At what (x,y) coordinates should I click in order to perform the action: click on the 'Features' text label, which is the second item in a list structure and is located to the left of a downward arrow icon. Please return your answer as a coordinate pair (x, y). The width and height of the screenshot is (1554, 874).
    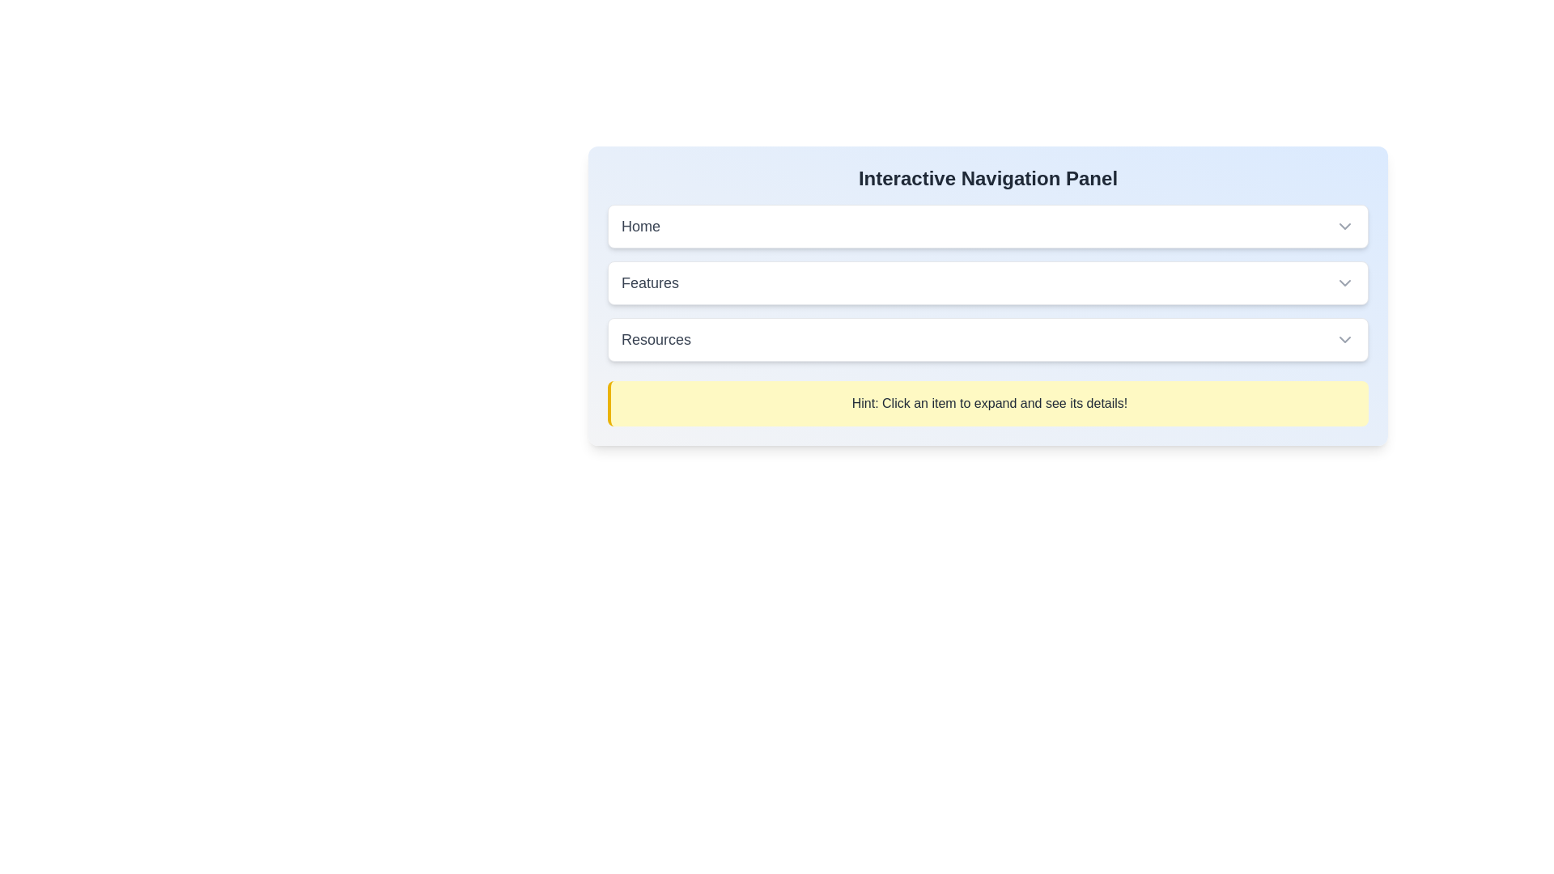
    Looking at the image, I should click on (650, 282).